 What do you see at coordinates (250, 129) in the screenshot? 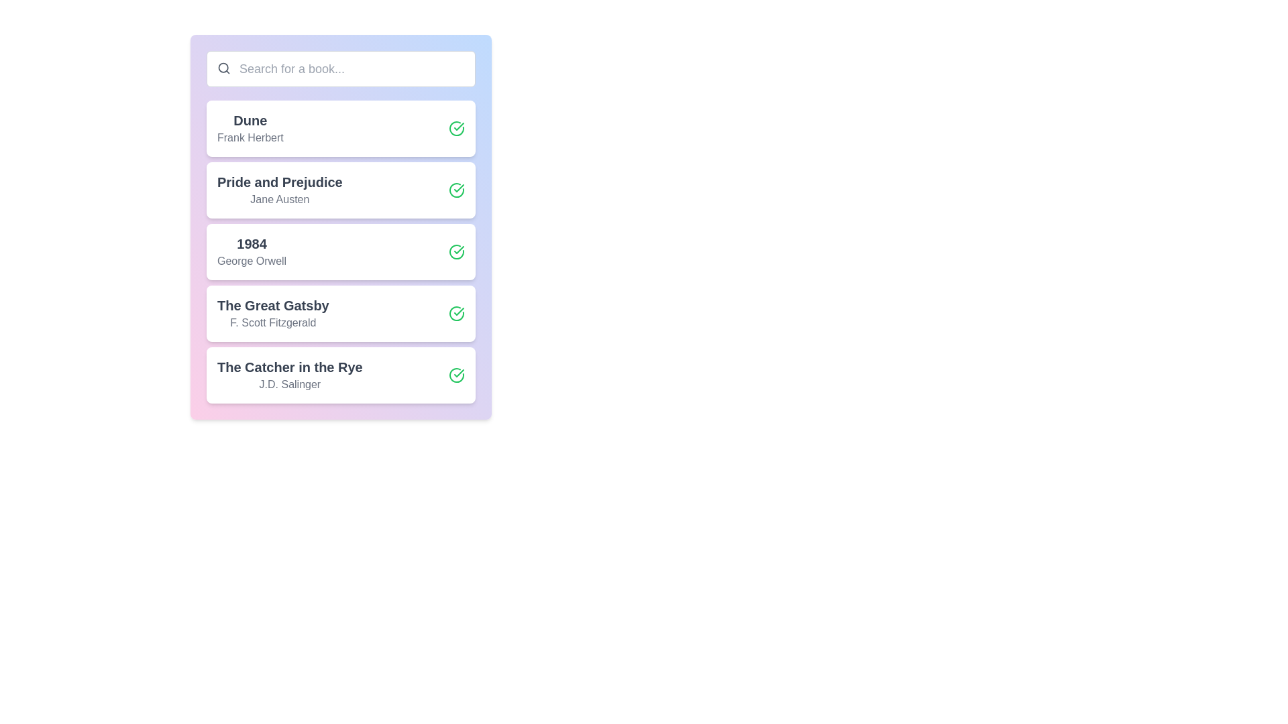
I see `the Text Display element that shows the title 'Dune' and the author's name 'Frank Herbert', located in the first item of the book list` at bounding box center [250, 129].